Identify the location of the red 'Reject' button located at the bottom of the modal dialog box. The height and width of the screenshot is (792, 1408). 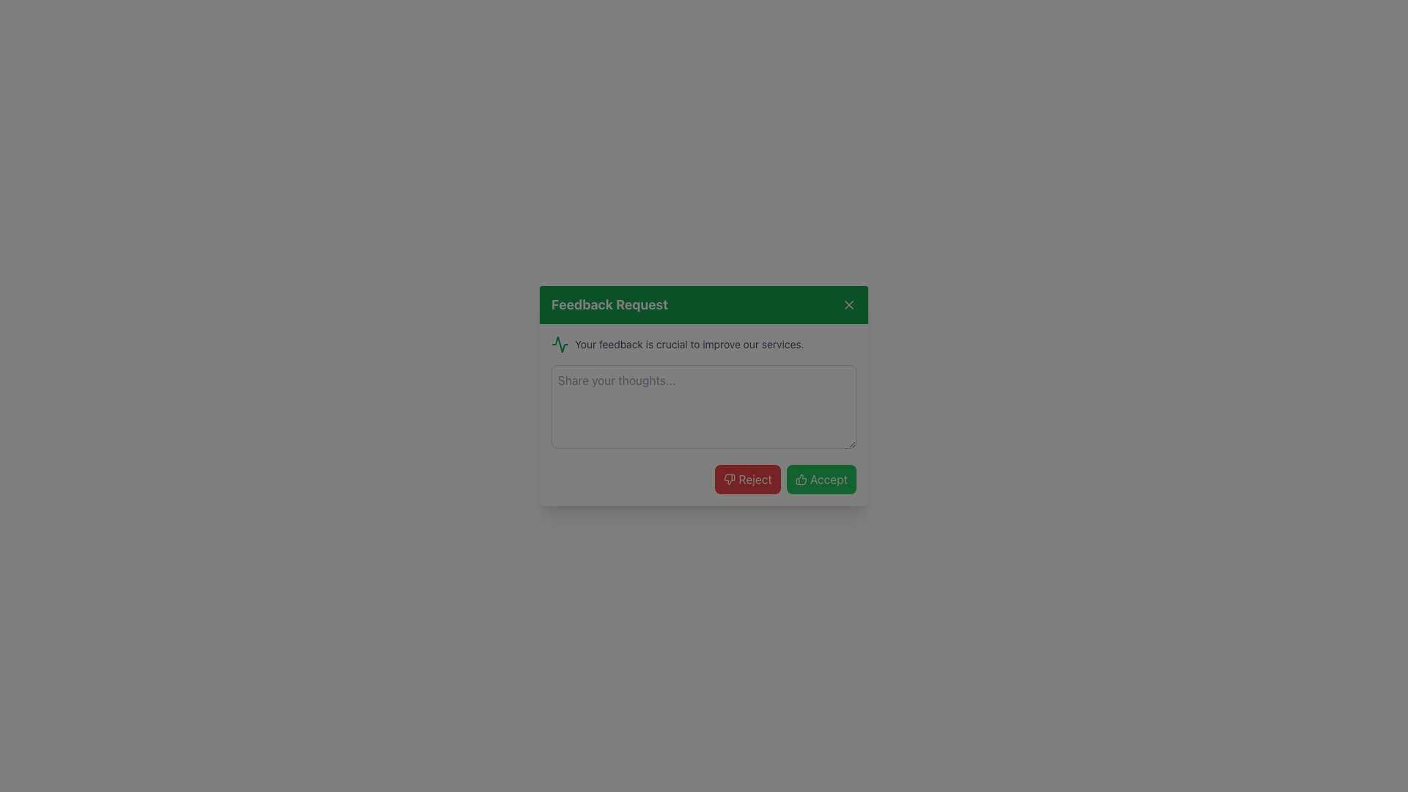
(748, 480).